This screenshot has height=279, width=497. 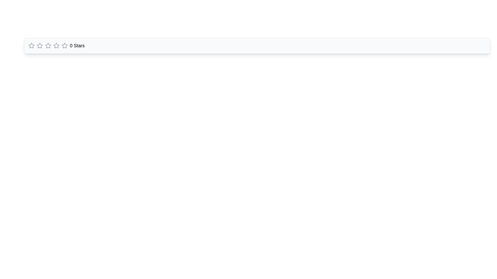 I want to click on the first star icon in the rating system, so click(x=31, y=45).